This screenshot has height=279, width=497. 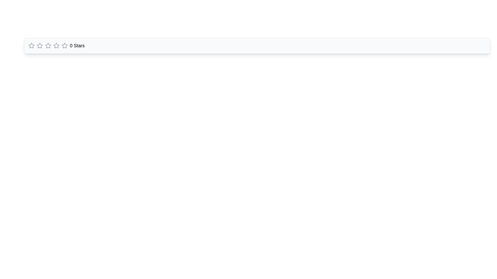 I want to click on the first star icon in the rating system, so click(x=31, y=45).